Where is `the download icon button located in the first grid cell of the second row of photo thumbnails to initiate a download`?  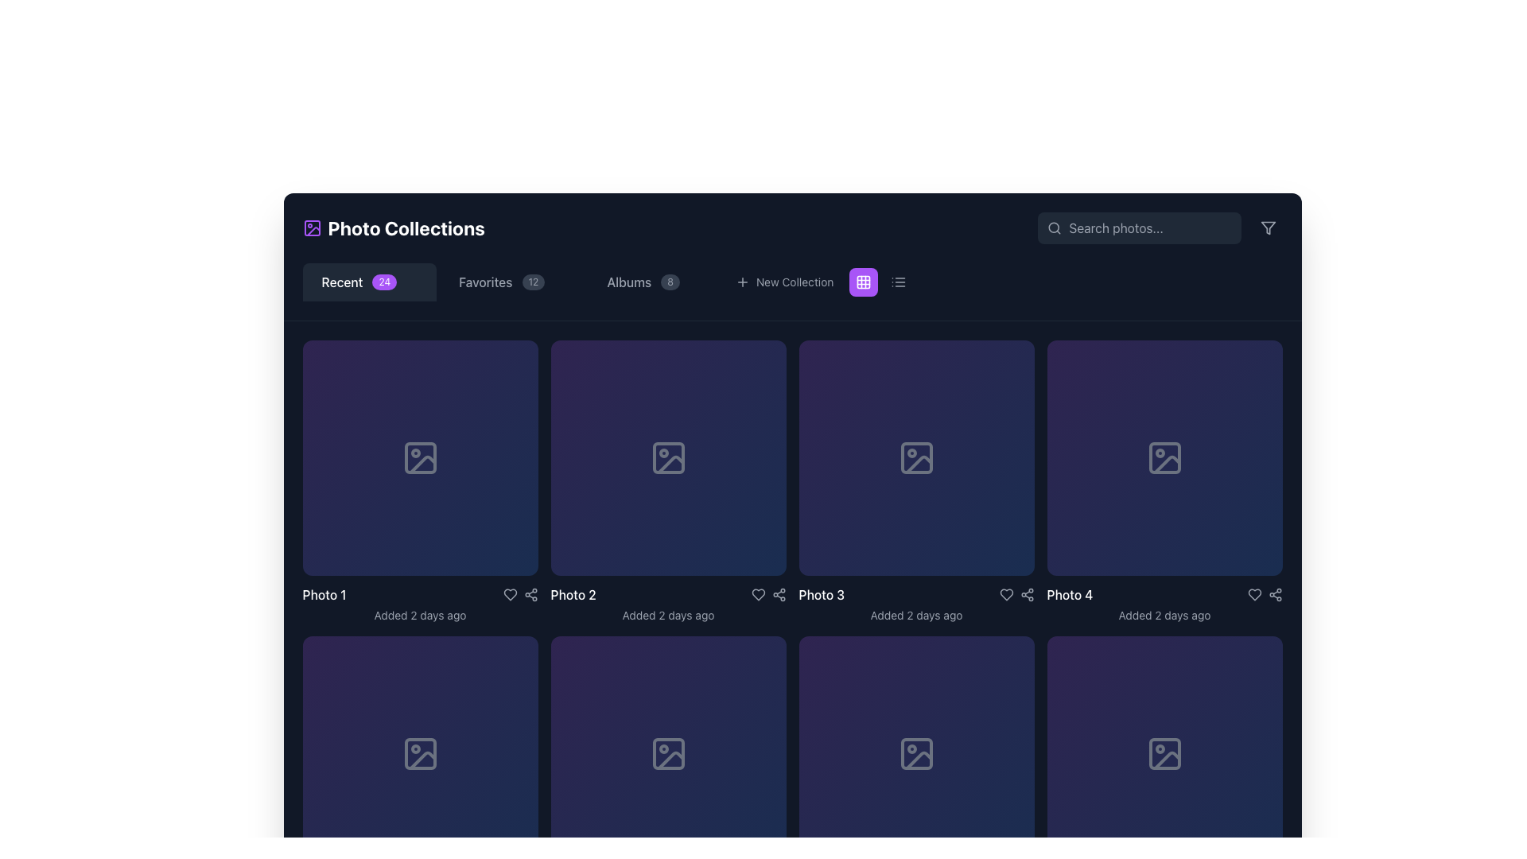 the download icon button located in the first grid cell of the second row of photo thumbnails to initiate a download is located at coordinates (420, 753).